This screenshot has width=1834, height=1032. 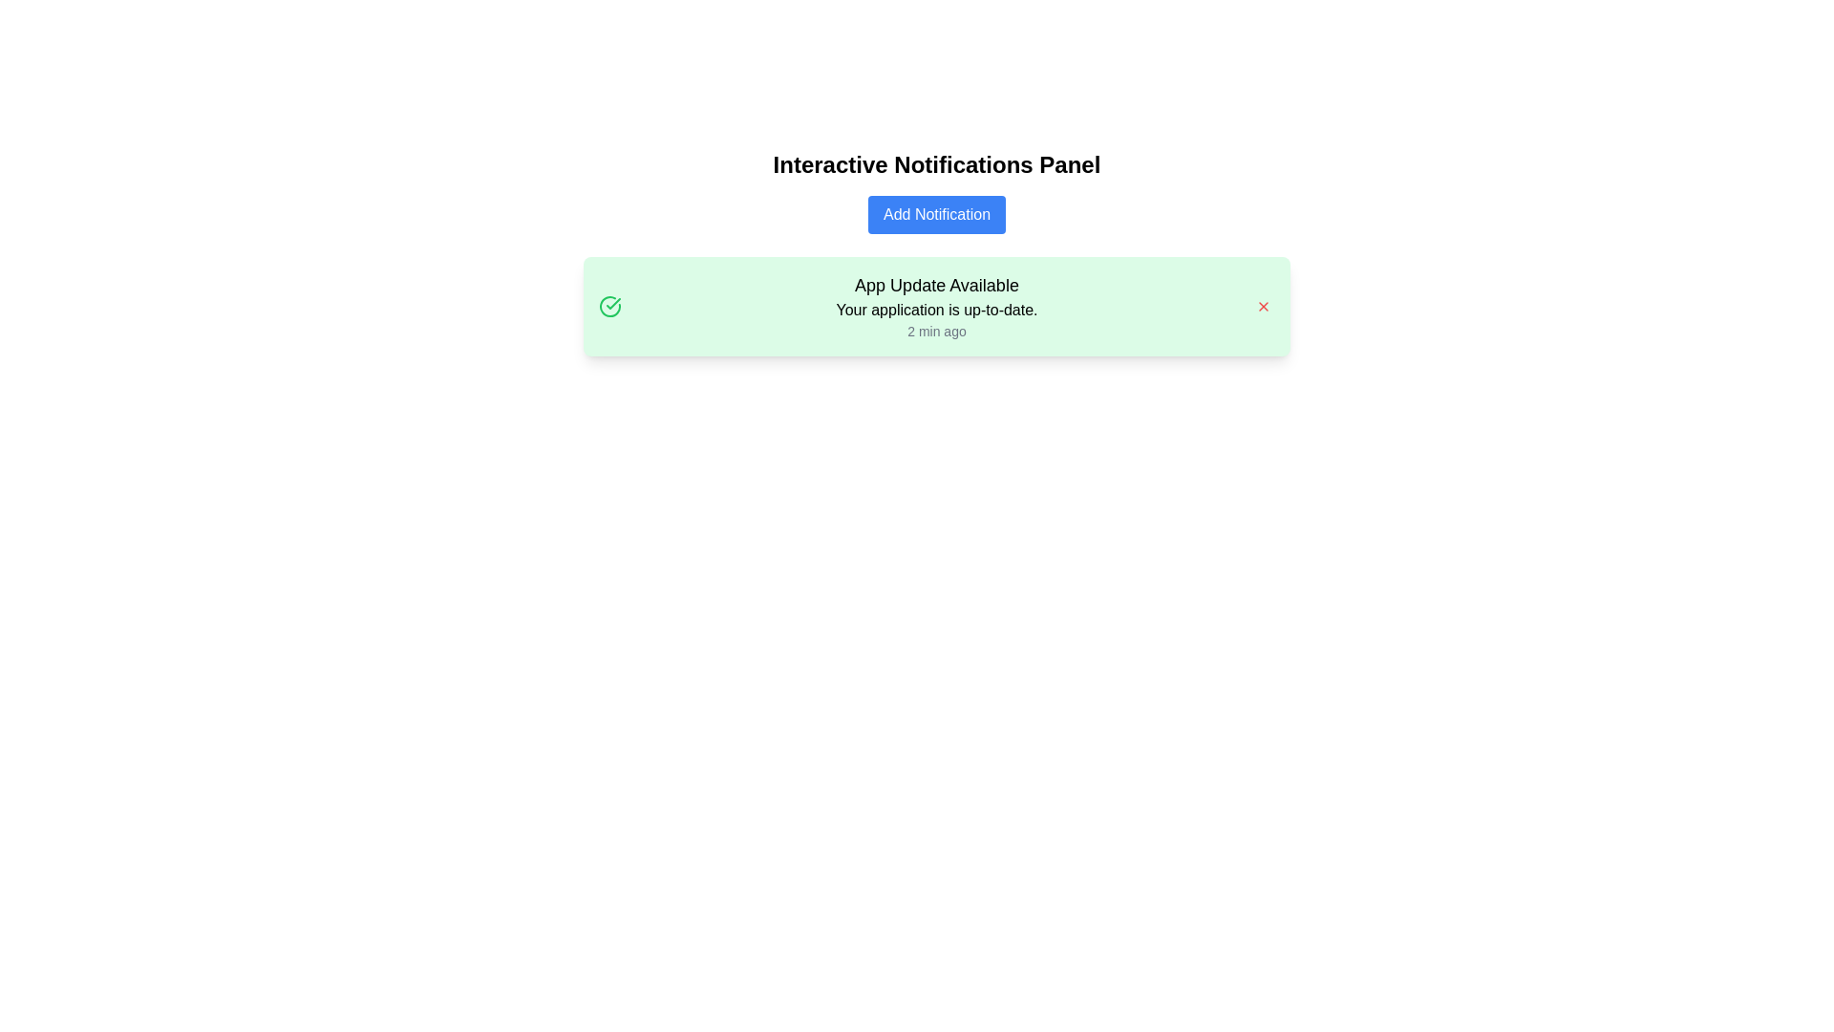 What do you see at coordinates (936, 305) in the screenshot?
I see `message displayed in the central text block of the notification card that informs users about the application update status` at bounding box center [936, 305].